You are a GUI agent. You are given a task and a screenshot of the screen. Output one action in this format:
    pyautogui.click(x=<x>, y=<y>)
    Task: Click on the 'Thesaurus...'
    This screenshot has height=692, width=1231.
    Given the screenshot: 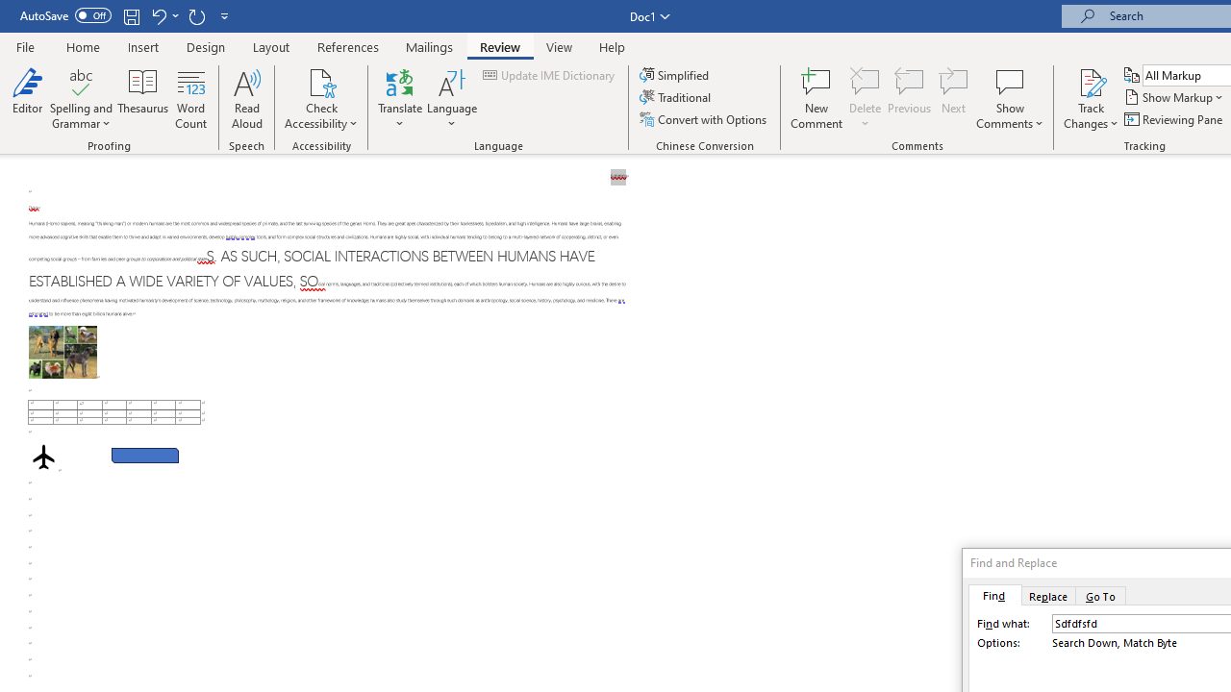 What is the action you would take?
    pyautogui.click(x=142, y=99)
    